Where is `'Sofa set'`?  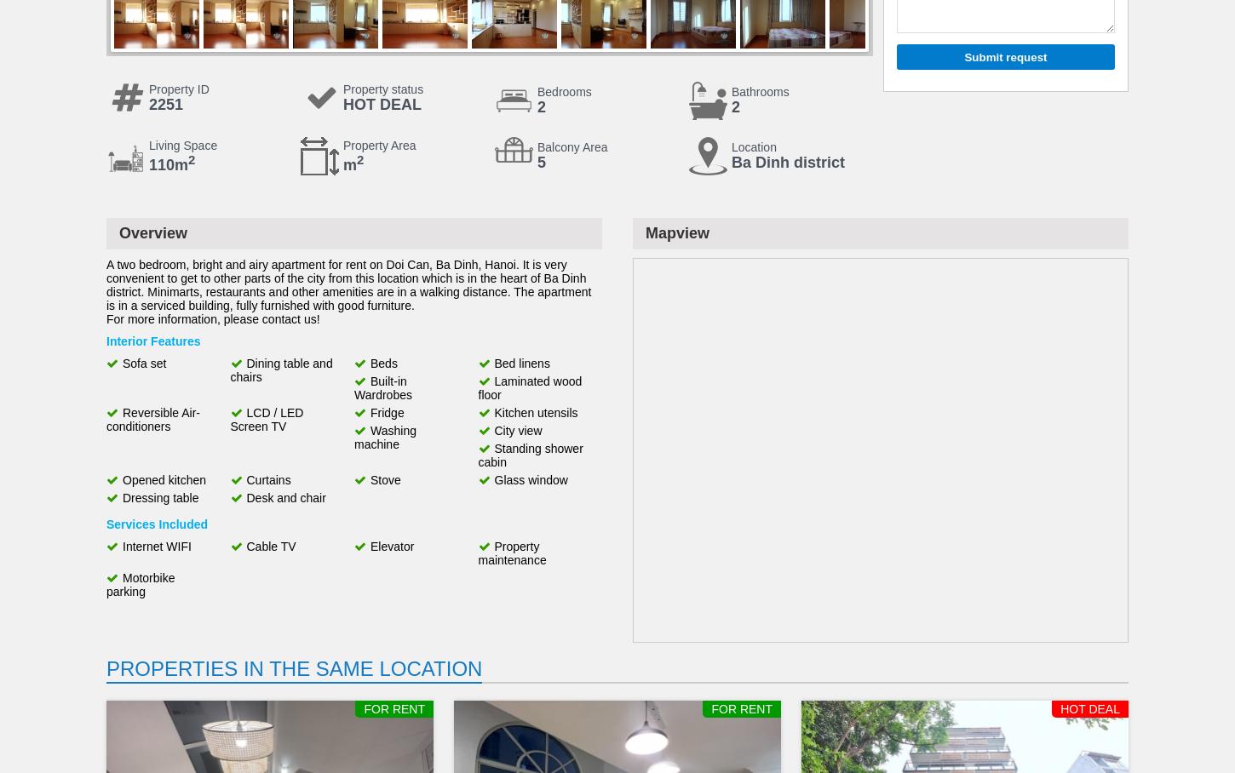
'Sofa set' is located at coordinates (143, 364).